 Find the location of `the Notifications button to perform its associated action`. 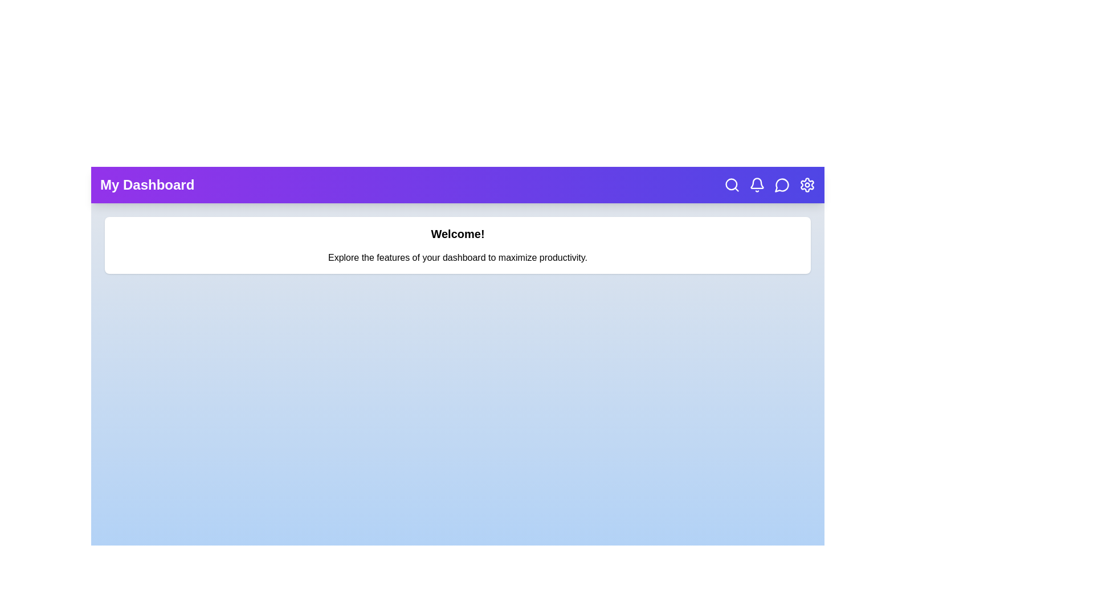

the Notifications button to perform its associated action is located at coordinates (757, 184).